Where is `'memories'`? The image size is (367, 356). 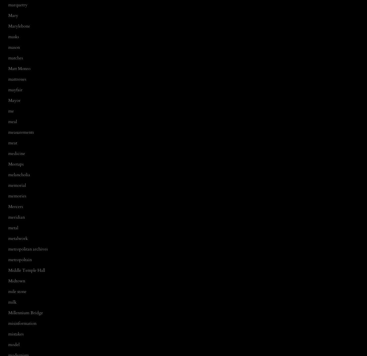
'memories' is located at coordinates (17, 196).